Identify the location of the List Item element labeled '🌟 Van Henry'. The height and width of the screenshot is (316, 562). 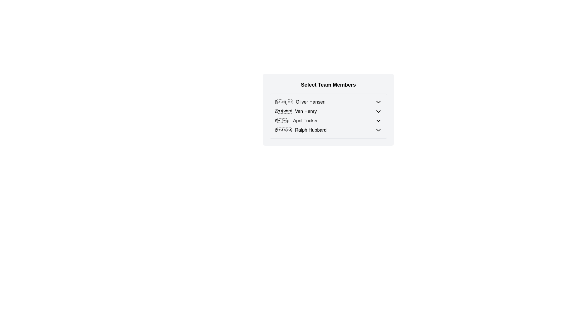
(328, 111).